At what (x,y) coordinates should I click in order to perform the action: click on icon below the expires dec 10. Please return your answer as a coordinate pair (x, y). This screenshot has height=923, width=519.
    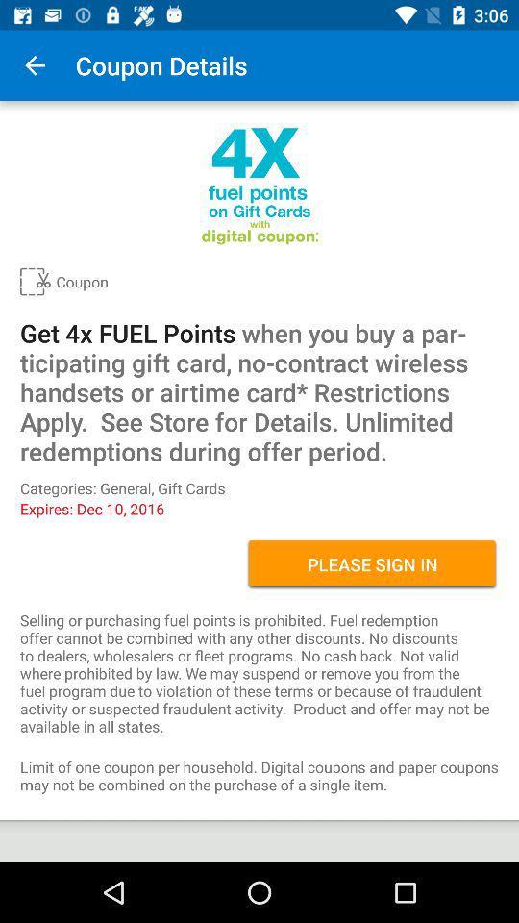
    Looking at the image, I should click on (372, 564).